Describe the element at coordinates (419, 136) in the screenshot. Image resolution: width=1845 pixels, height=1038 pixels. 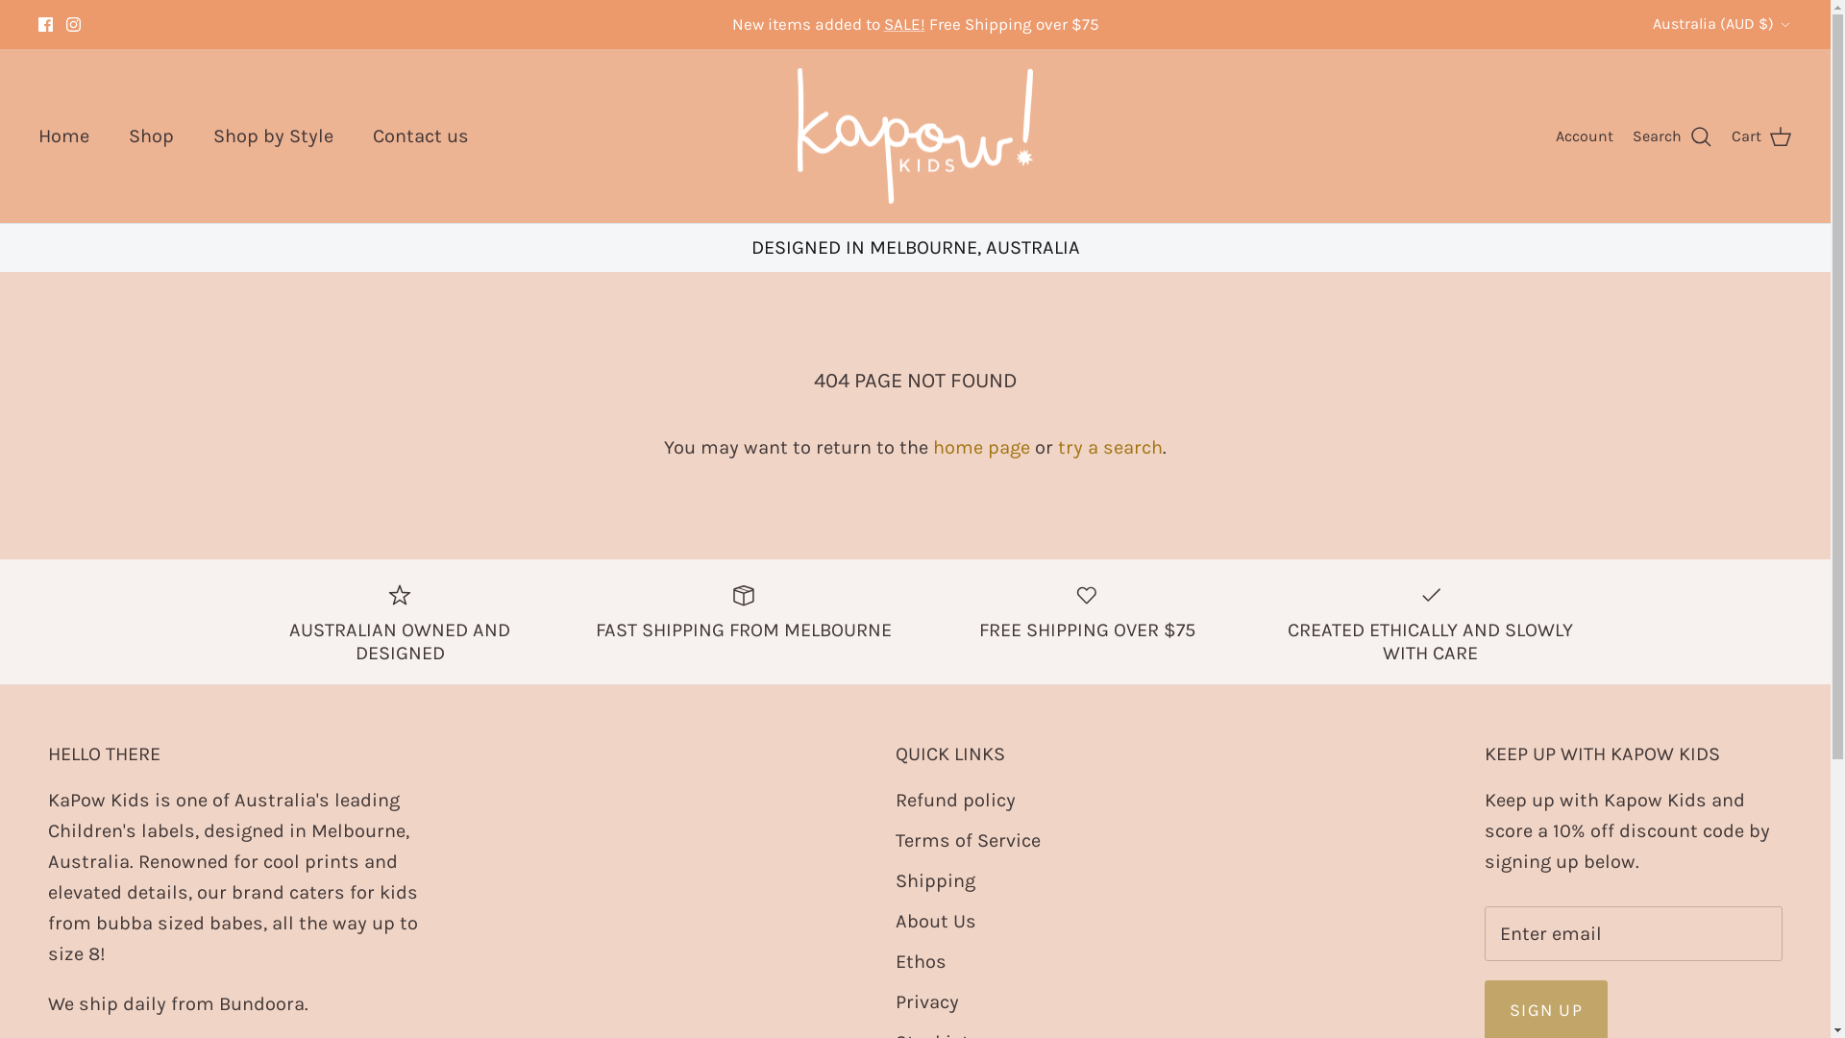
I see `'Contact us'` at that location.